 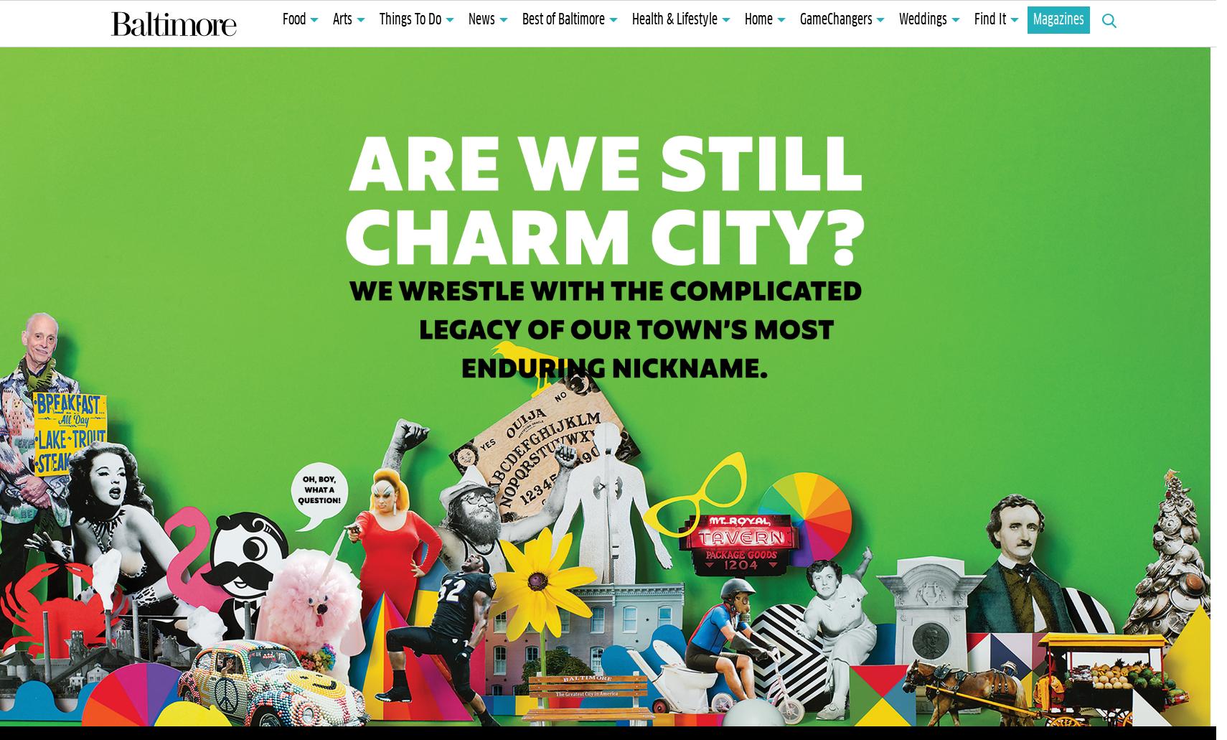 I want to click on 'Arts', so click(x=342, y=20).